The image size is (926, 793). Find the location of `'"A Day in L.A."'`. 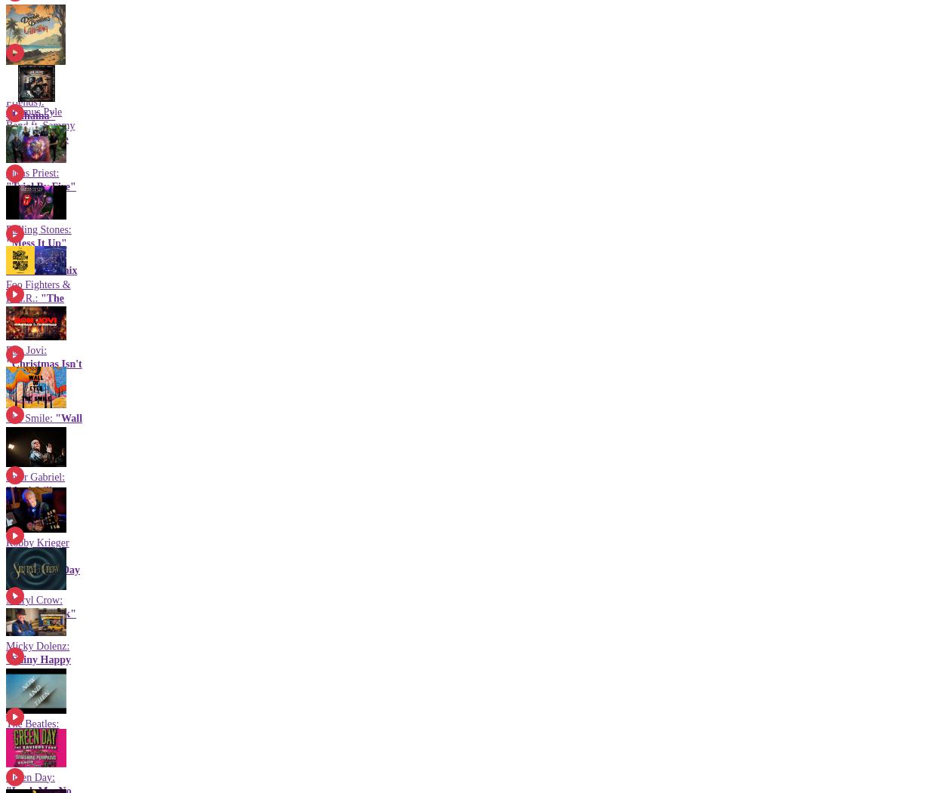

'"A Day in L.A."' is located at coordinates (43, 576).